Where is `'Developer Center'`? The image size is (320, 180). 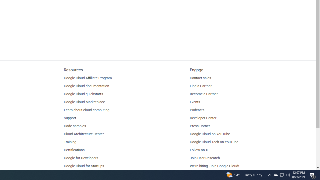
'Developer Center' is located at coordinates (203, 118).